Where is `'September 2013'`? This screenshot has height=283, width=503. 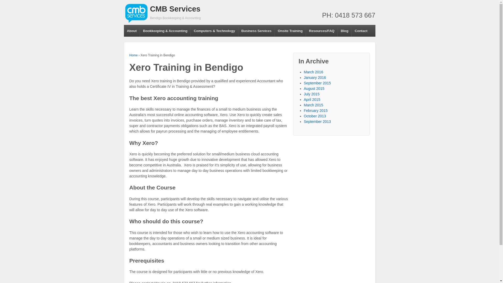 'September 2013' is located at coordinates (304, 121).